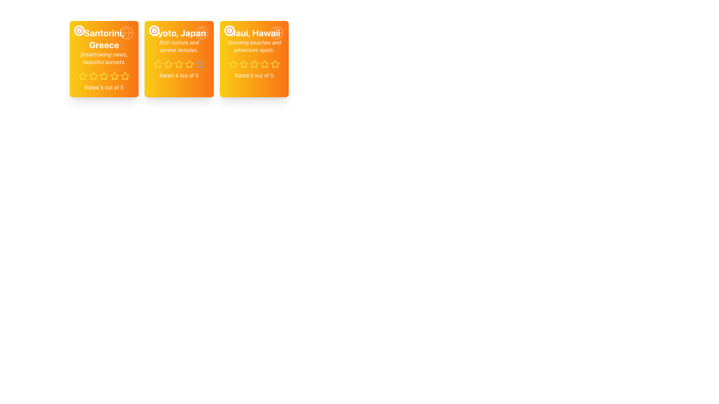 This screenshot has width=719, height=404. What do you see at coordinates (254, 64) in the screenshot?
I see `the star in the Rating Stars element located on the 'Maui, Hawaii' card, positioned underneath 'Stunning beaches and adventure spots.'` at bounding box center [254, 64].